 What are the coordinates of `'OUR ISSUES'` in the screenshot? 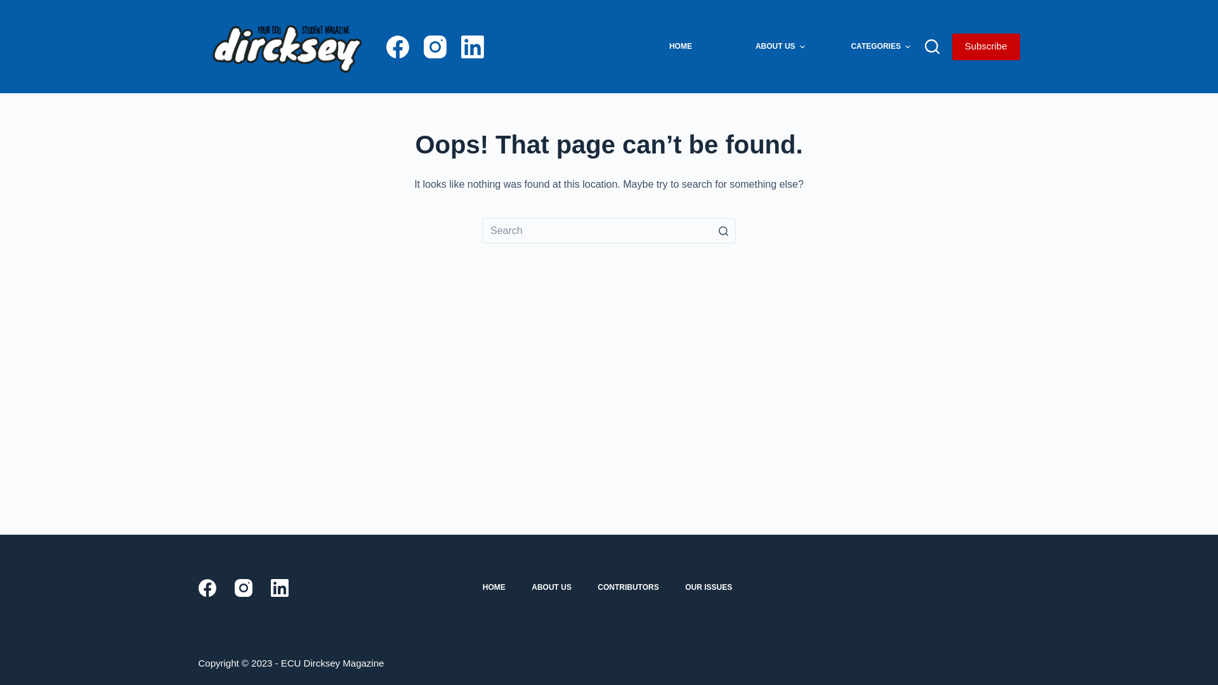 It's located at (683, 587).